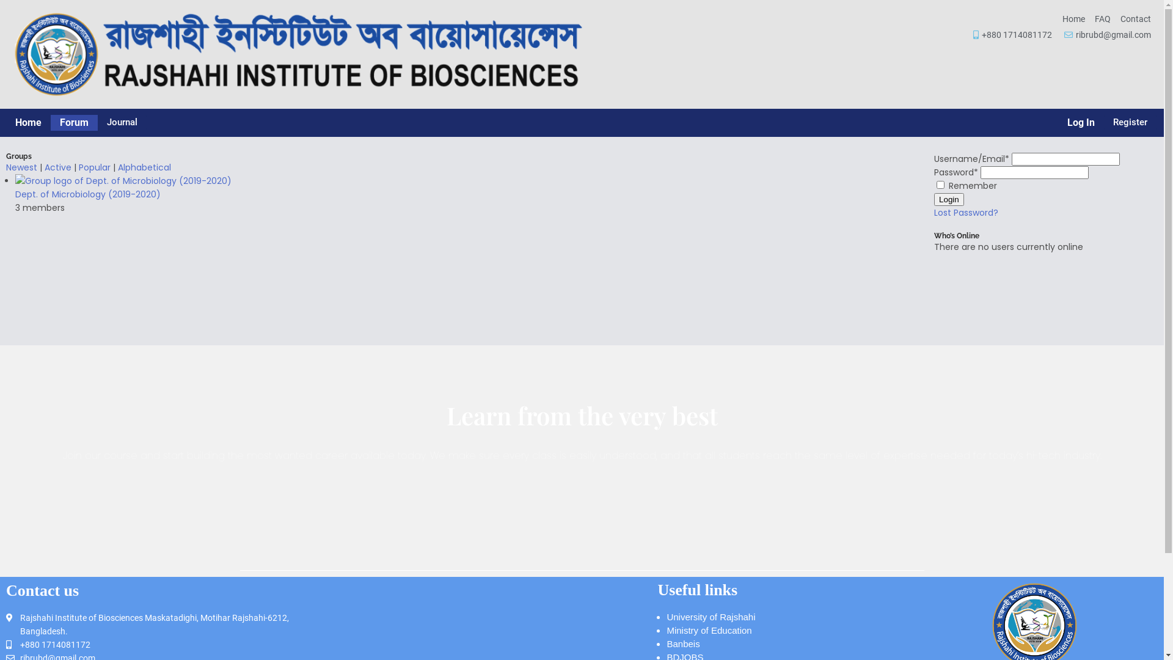  What do you see at coordinates (1135, 18) in the screenshot?
I see `'Contact'` at bounding box center [1135, 18].